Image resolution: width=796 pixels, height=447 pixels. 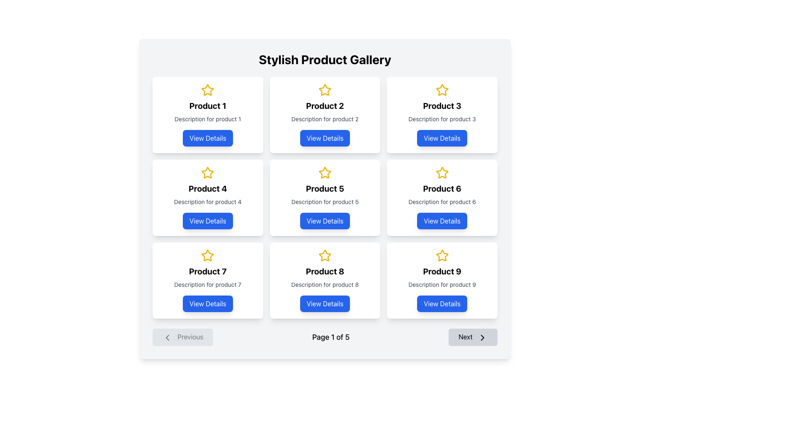 I want to click on the decorative star icon indicating the prominence or rating of 'Product 4', which is located at the top of the product card, so click(x=208, y=172).